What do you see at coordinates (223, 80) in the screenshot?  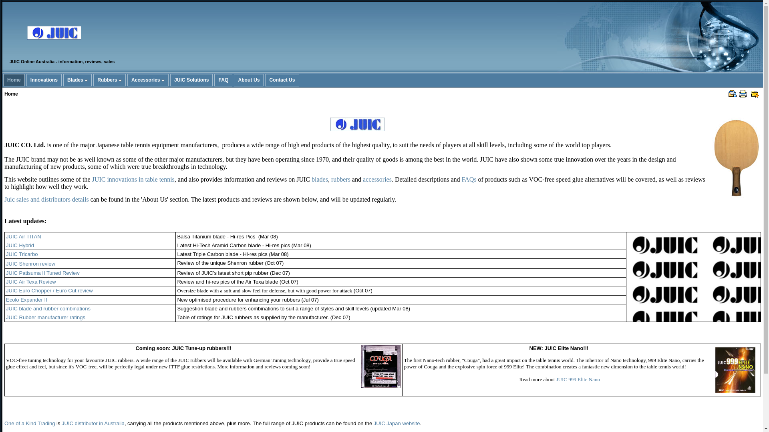 I see `'FAQ'` at bounding box center [223, 80].